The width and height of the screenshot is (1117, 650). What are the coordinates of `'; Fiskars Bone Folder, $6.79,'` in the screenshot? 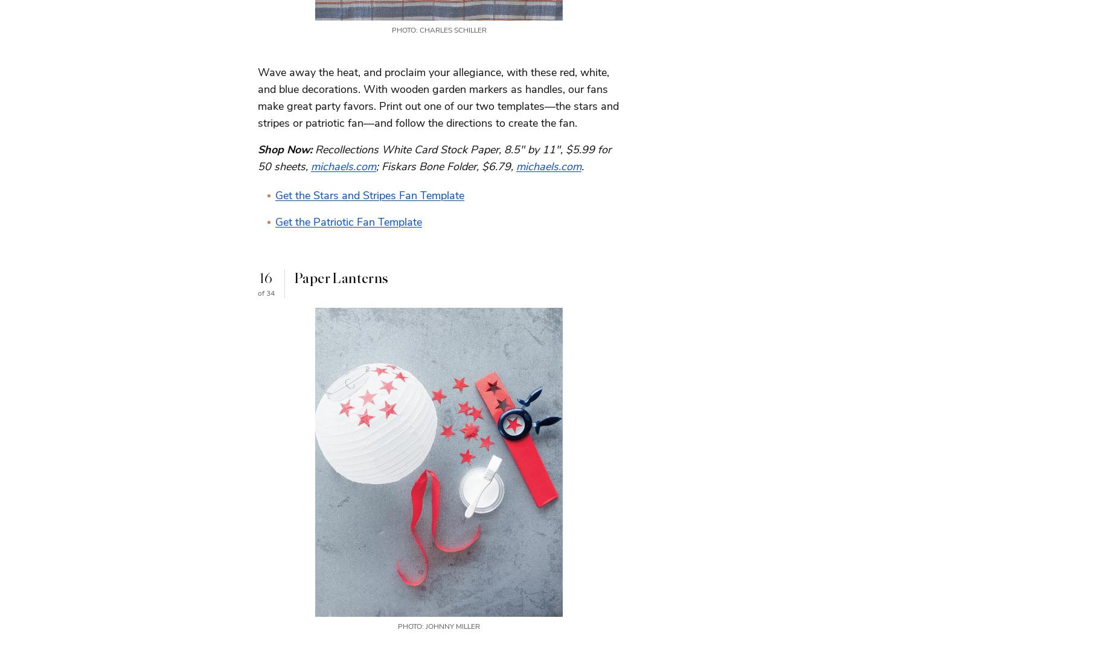 It's located at (446, 165).